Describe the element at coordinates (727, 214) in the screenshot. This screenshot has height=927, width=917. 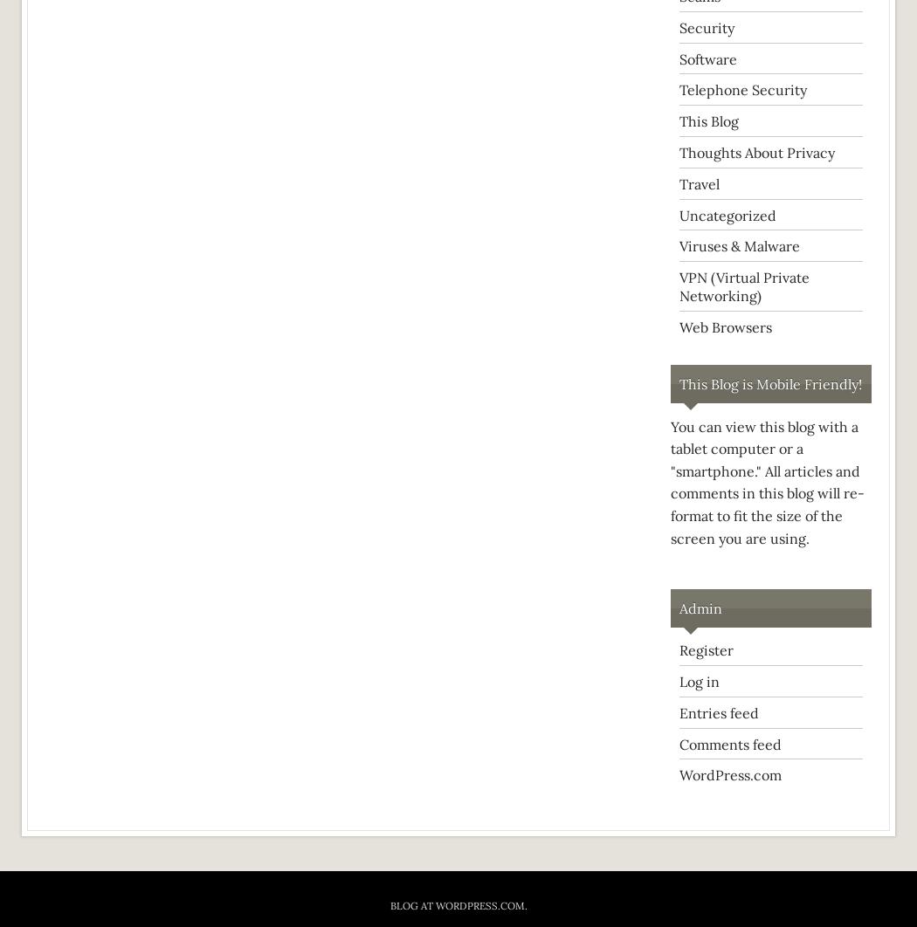
I see `'Uncategorized'` at that location.